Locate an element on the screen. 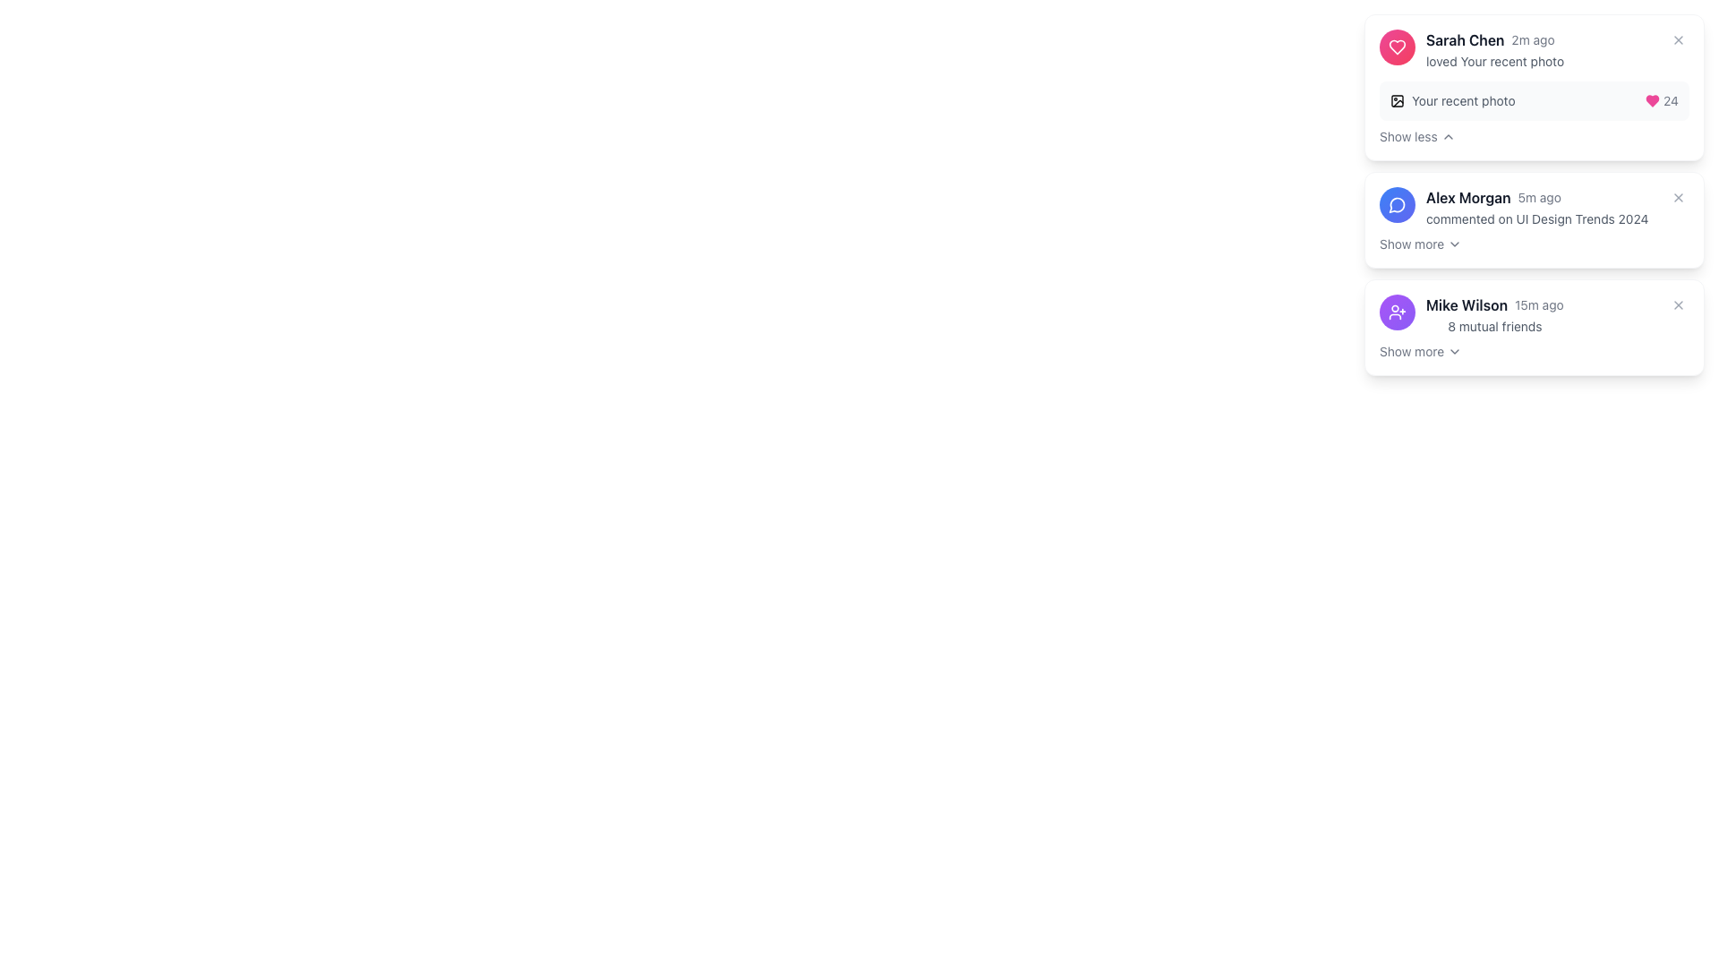  the dismiss button located on the right side of the notification item containing the text 'Alex Morgan 5m ago commented on UI Design Trends 2024' is located at coordinates (1678, 197).